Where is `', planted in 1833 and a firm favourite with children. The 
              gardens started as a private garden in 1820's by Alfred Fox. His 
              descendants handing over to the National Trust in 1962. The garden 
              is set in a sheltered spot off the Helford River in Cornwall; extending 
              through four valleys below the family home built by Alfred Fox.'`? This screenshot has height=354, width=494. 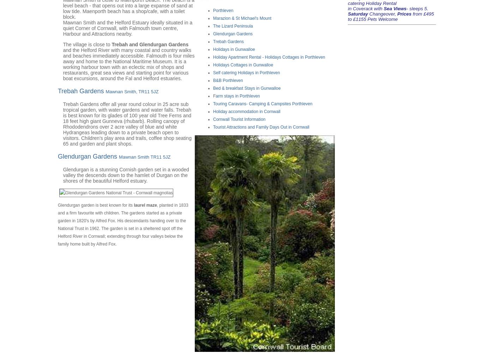 ', planted in 1833 and a firm favourite with children. The 
              gardens started as a private garden in 1820's by Alfred Fox. His 
              descendants handing over to the National Trust in 1962. The garden 
              is set in a sheltered spot off the Helford River in Cornwall; extending 
              through four valleys below the family home built by Alfred Fox.' is located at coordinates (123, 224).